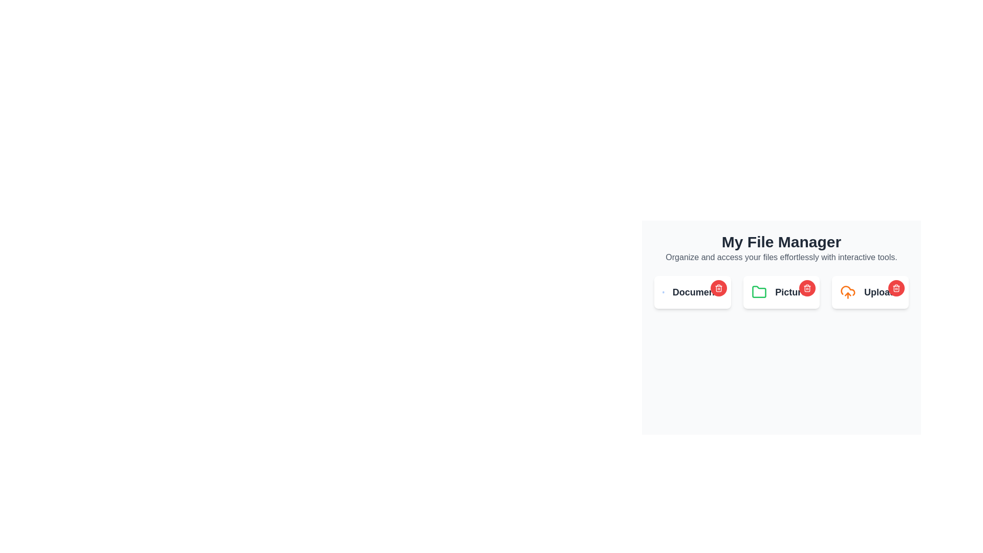  What do you see at coordinates (718, 288) in the screenshot?
I see `the red circular button with a white trash can icon located in the top-right corner of the 'Documents' card in the 'My File Manager' section` at bounding box center [718, 288].